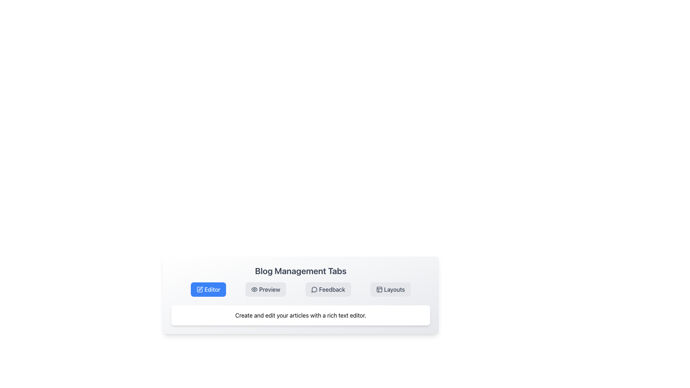 The height and width of the screenshot is (388, 690). Describe the element at coordinates (200, 289) in the screenshot. I see `SVG Icon representing a pen and square used for editing, located to the left of the 'Editor' button in the control panel` at that location.